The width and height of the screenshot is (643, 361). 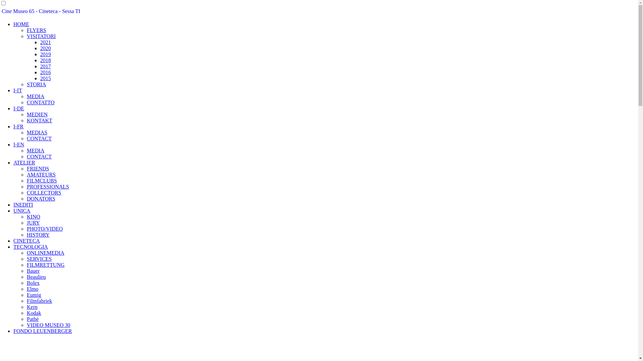 I want to click on 'JURY', so click(x=33, y=223).